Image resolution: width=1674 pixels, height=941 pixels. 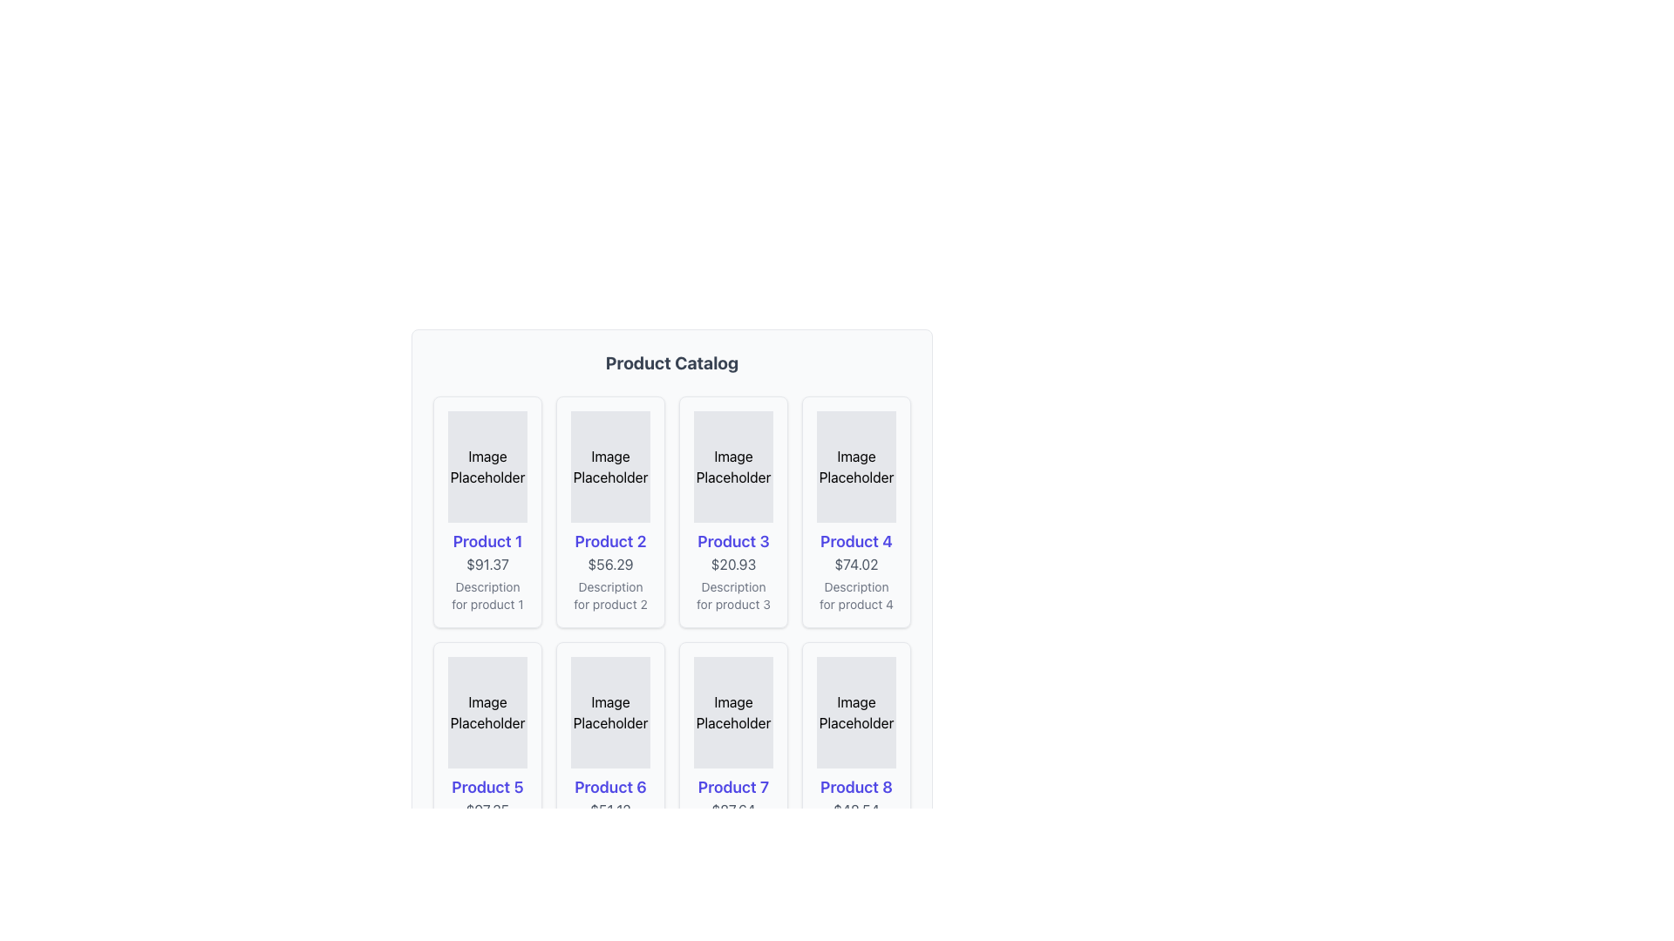 What do you see at coordinates (487, 511) in the screenshot?
I see `the product card located at the top-left position of the product catalog grid` at bounding box center [487, 511].